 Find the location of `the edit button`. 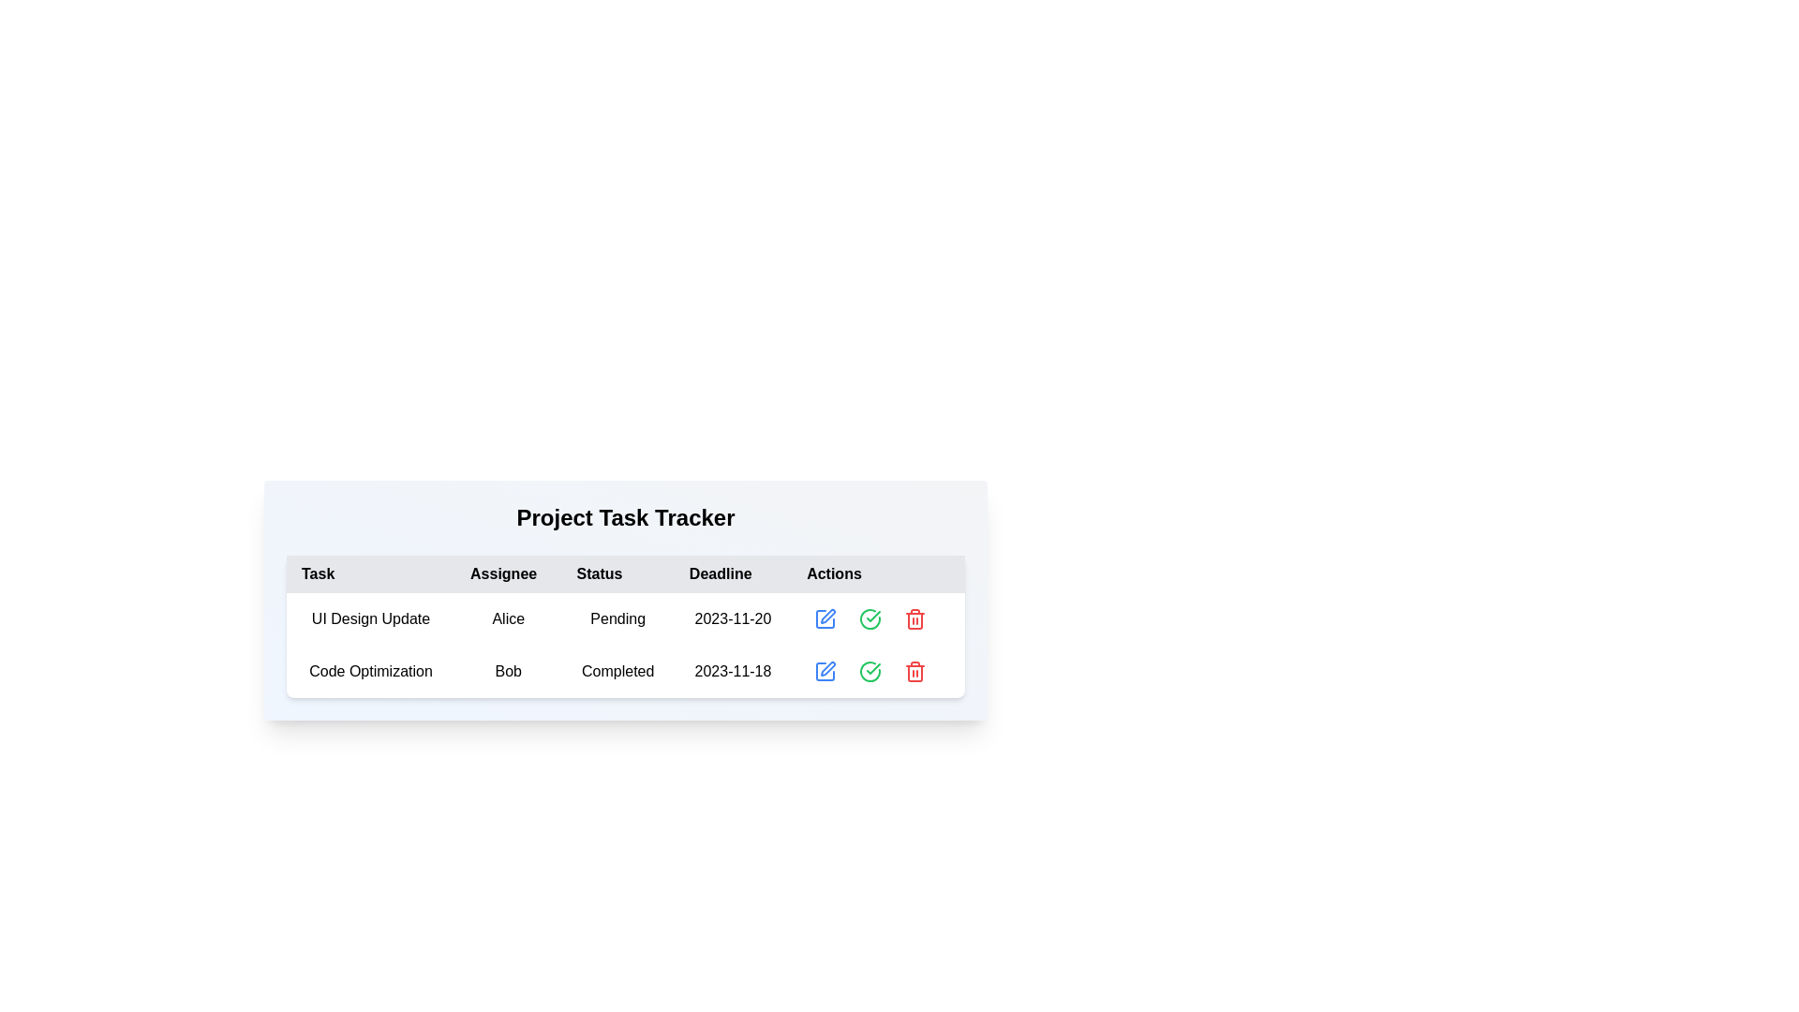

the edit button is located at coordinates (825, 618).